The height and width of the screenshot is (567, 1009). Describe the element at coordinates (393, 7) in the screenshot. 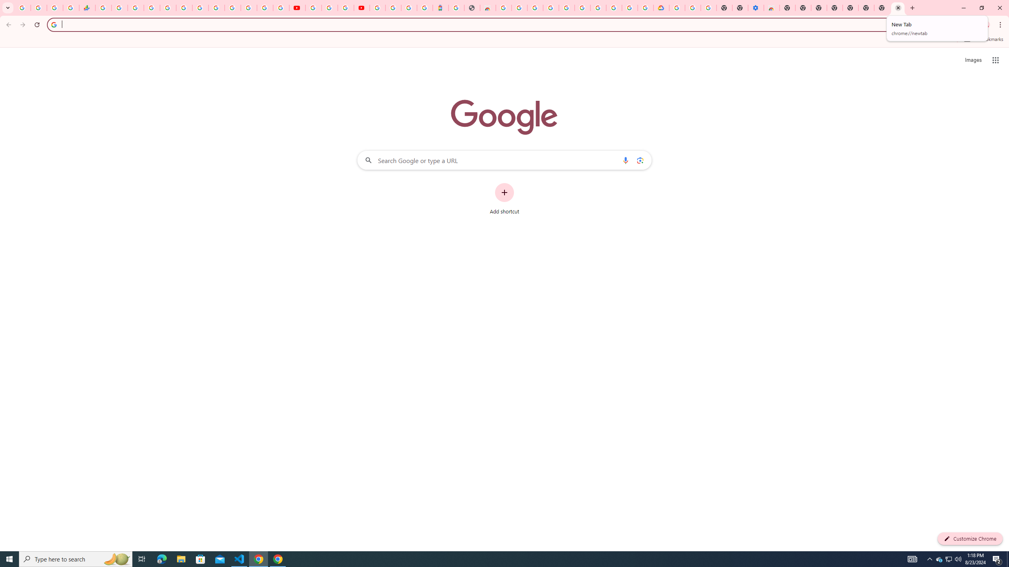

I see `'Sign in - Google Accounts'` at that location.